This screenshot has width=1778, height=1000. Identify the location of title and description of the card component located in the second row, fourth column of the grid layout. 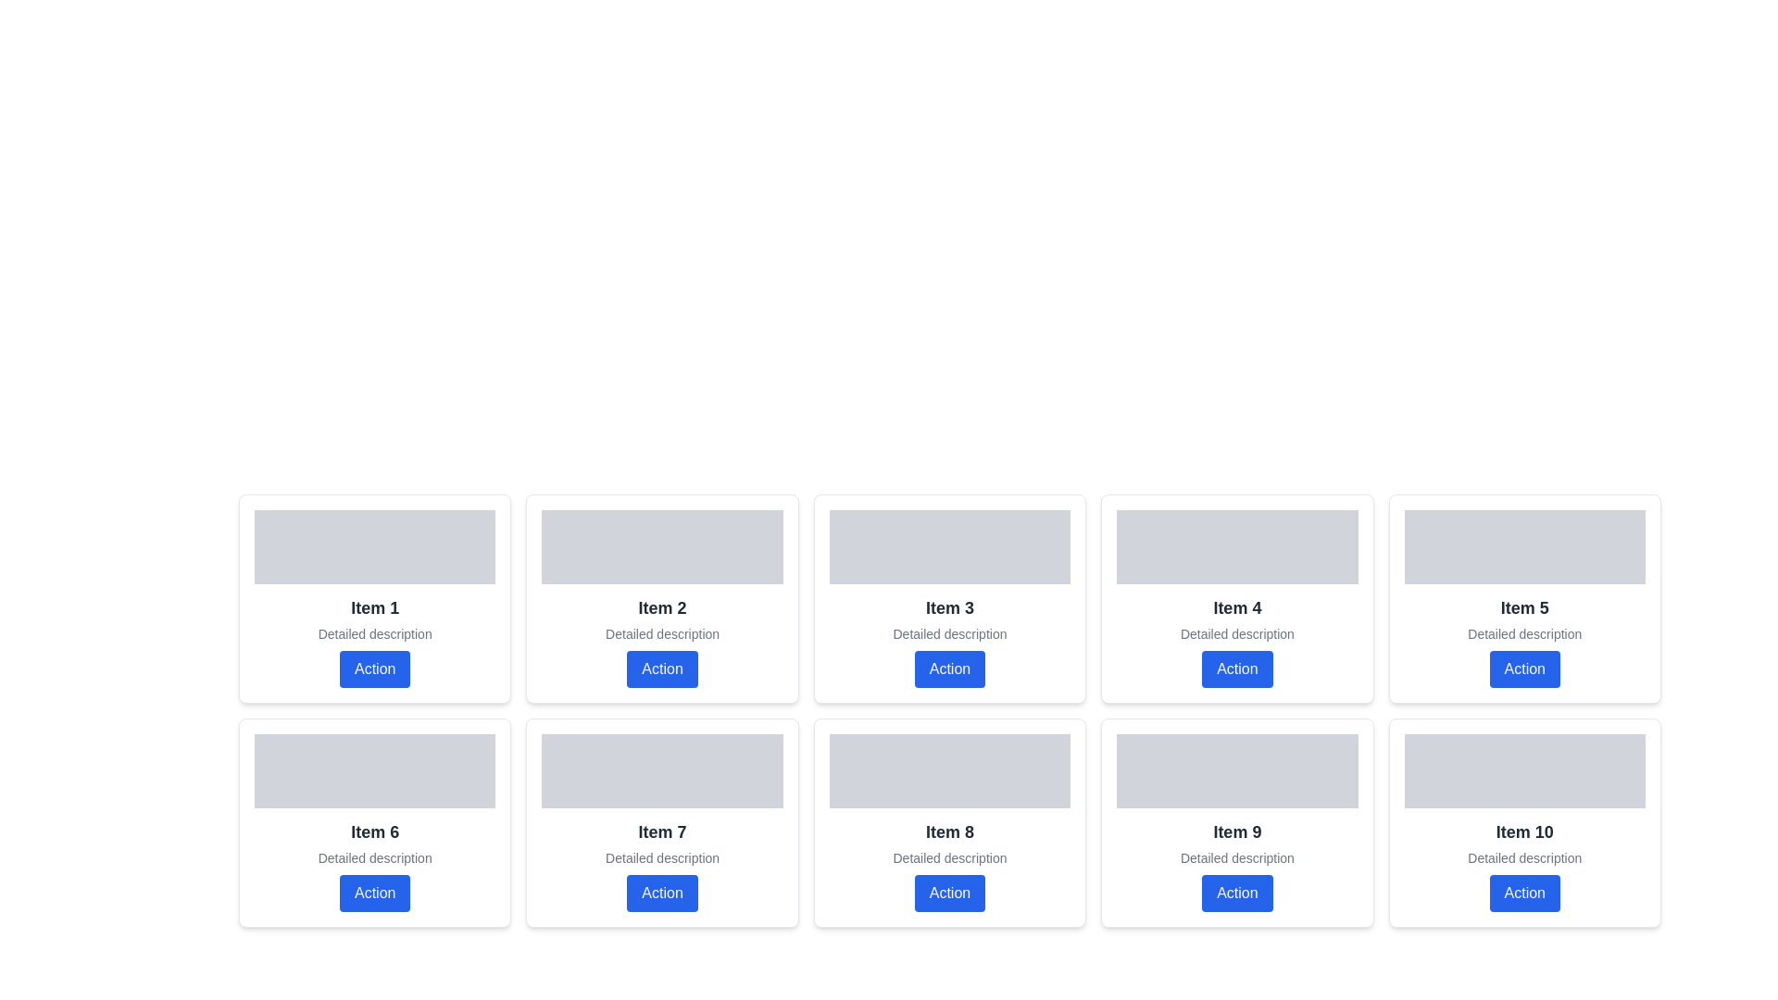
(1237, 821).